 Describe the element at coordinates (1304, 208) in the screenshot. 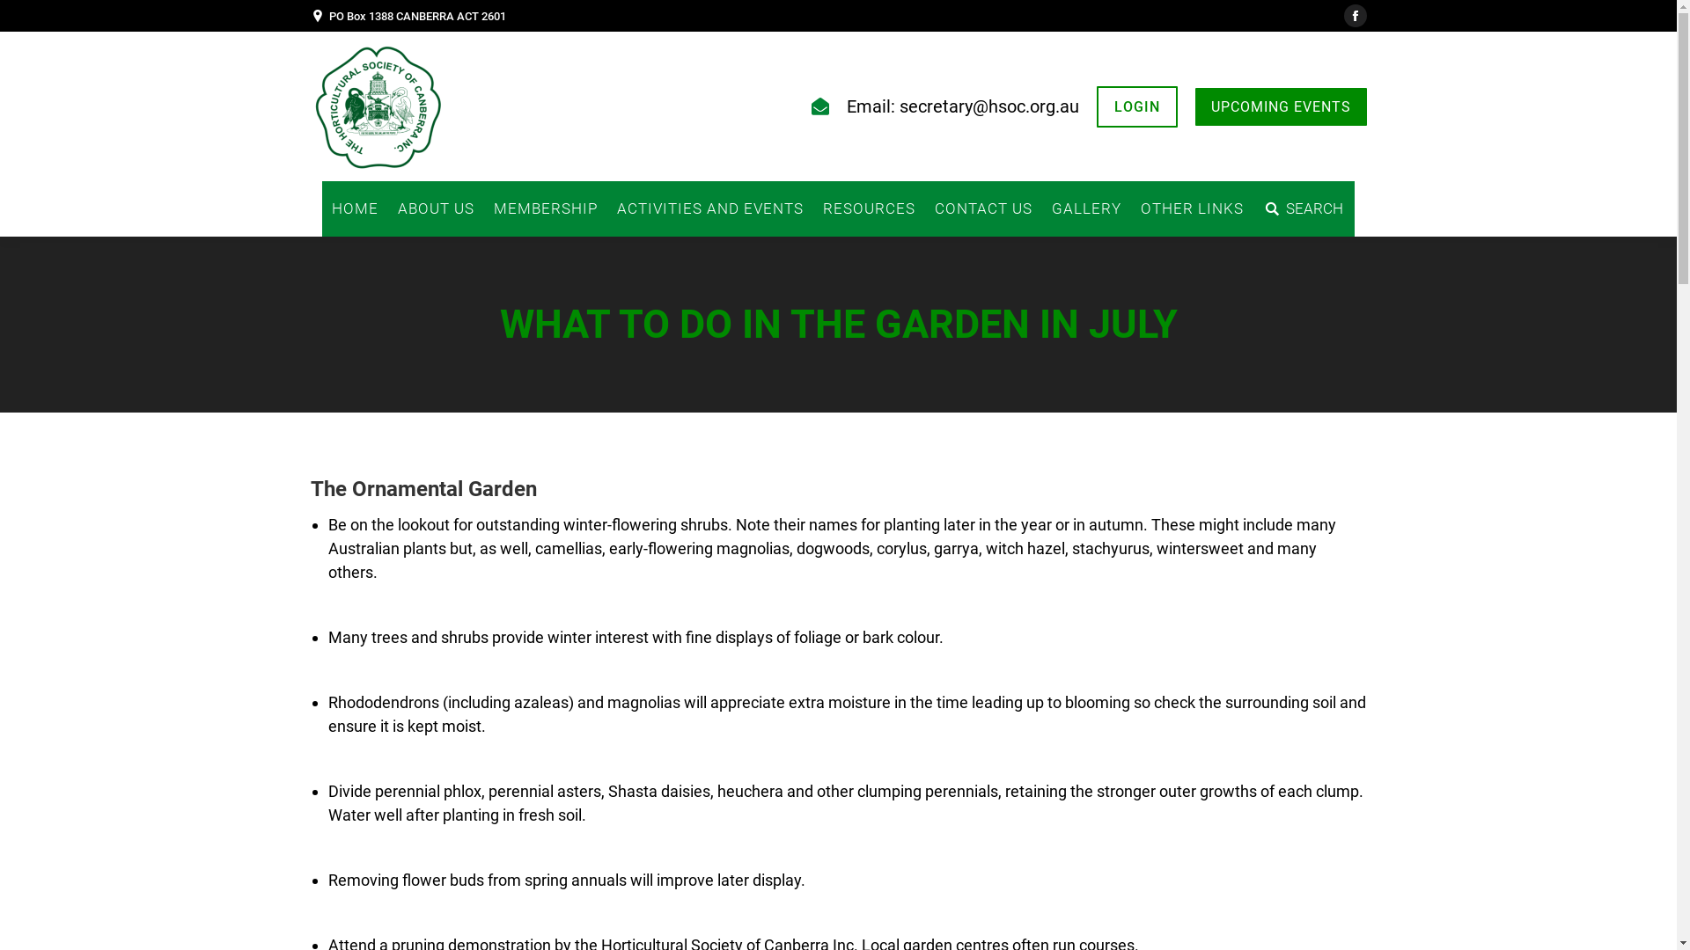

I see `'SEARCH'` at that location.